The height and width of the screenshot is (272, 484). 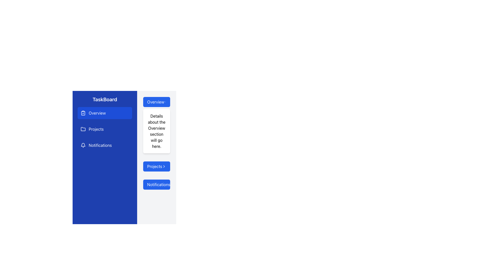 What do you see at coordinates (164, 166) in the screenshot?
I see `the icon located to the right of the 'Projects' label, which serves as a control for expanding or collapsing the menu` at bounding box center [164, 166].